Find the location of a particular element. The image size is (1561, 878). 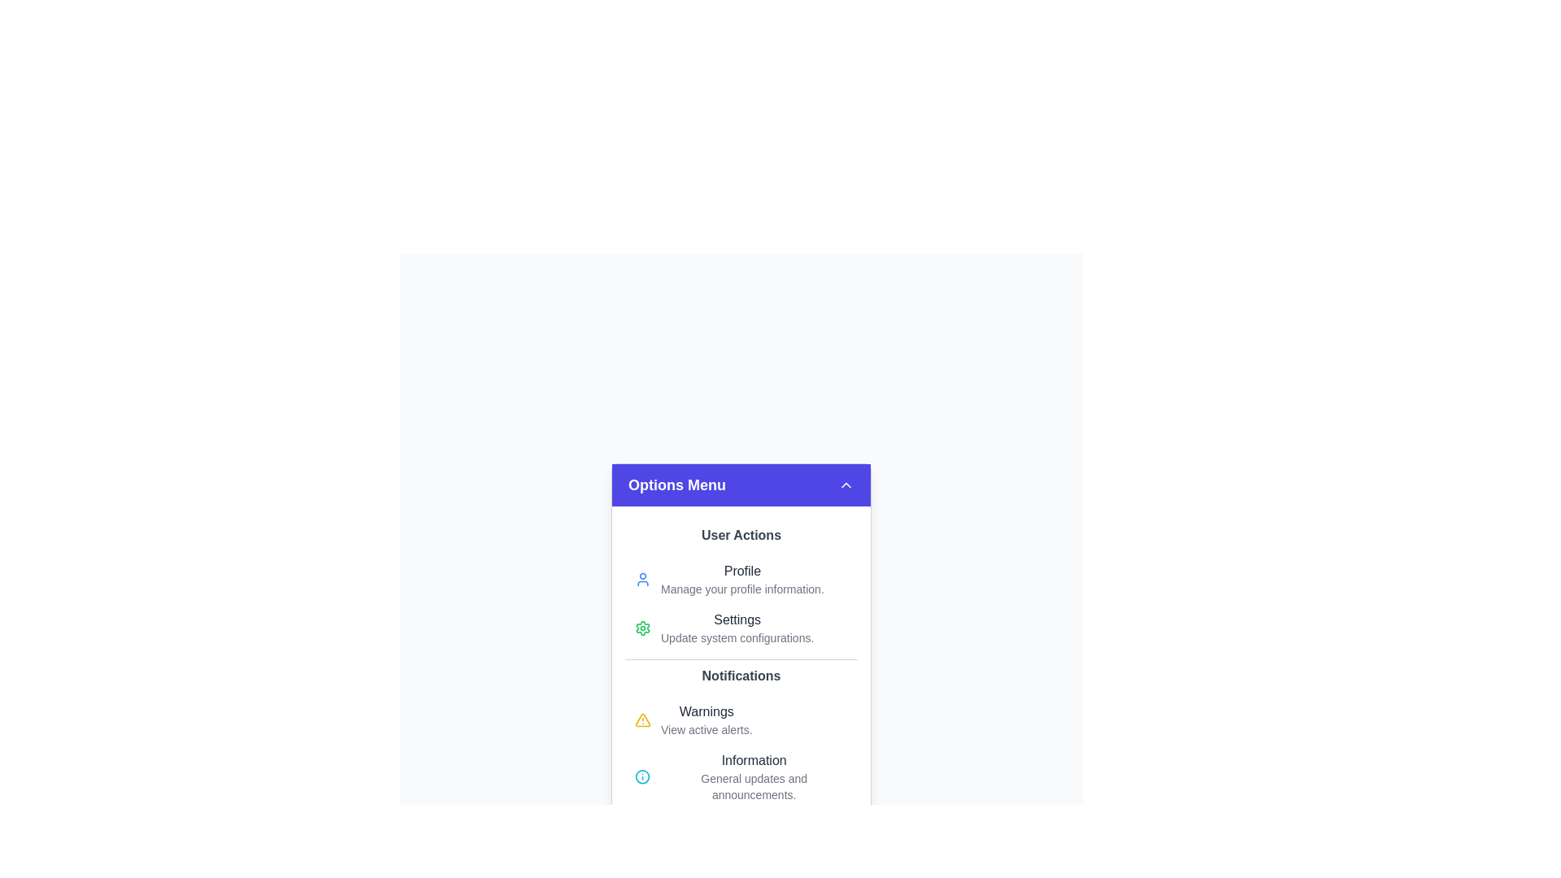

the green gear icon in the 'Settings' section of the 'User Actions' category is located at coordinates (642, 627).